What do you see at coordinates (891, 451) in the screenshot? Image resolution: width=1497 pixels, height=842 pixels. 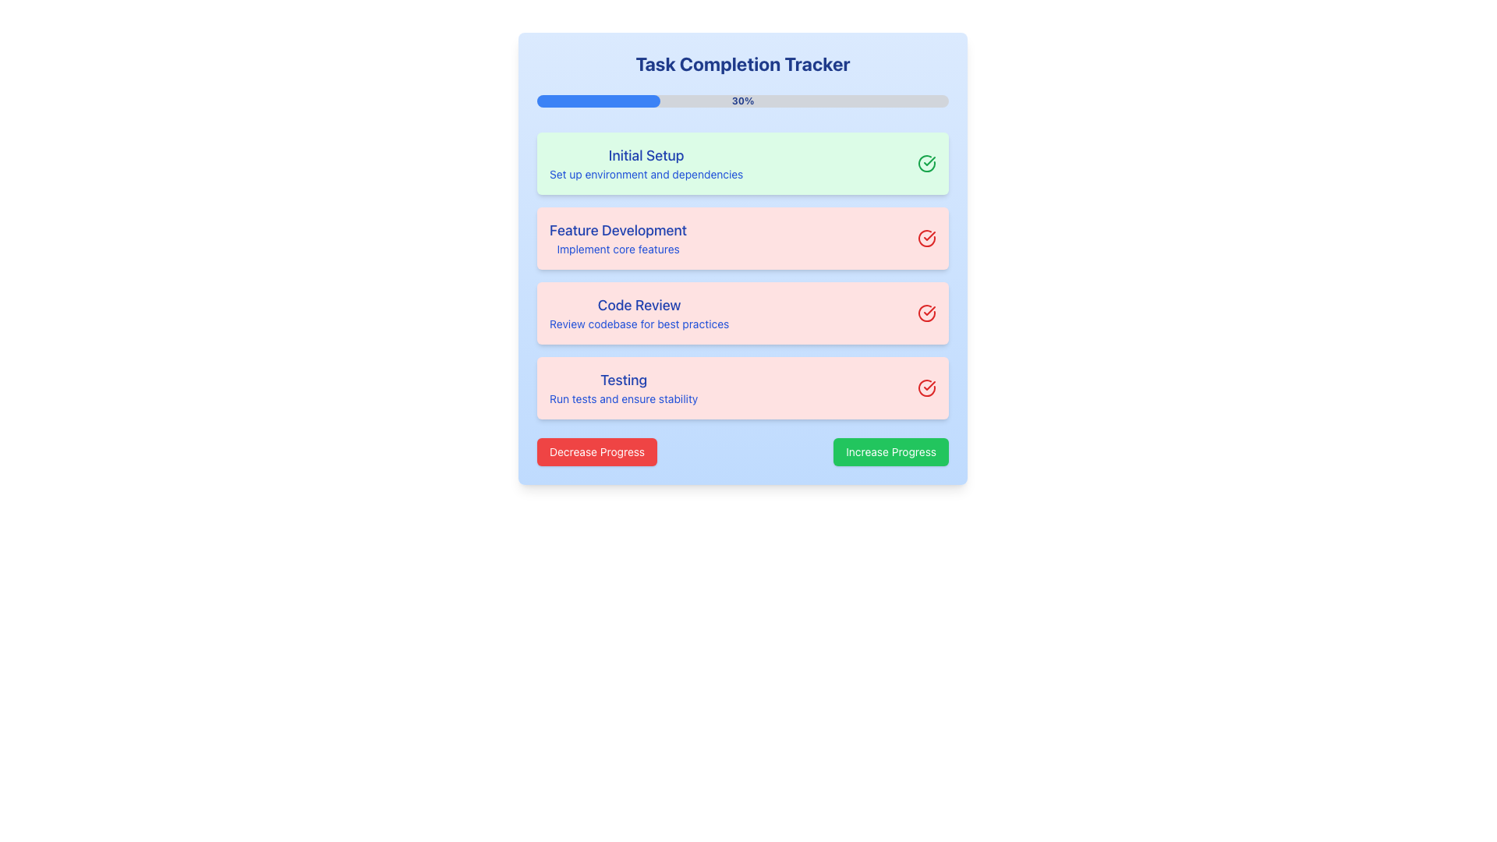 I see `the button that increases the progress of a task, located at the bottom-right corner of the interface, adjacent to the red 'Decrease Progress' button` at bounding box center [891, 451].